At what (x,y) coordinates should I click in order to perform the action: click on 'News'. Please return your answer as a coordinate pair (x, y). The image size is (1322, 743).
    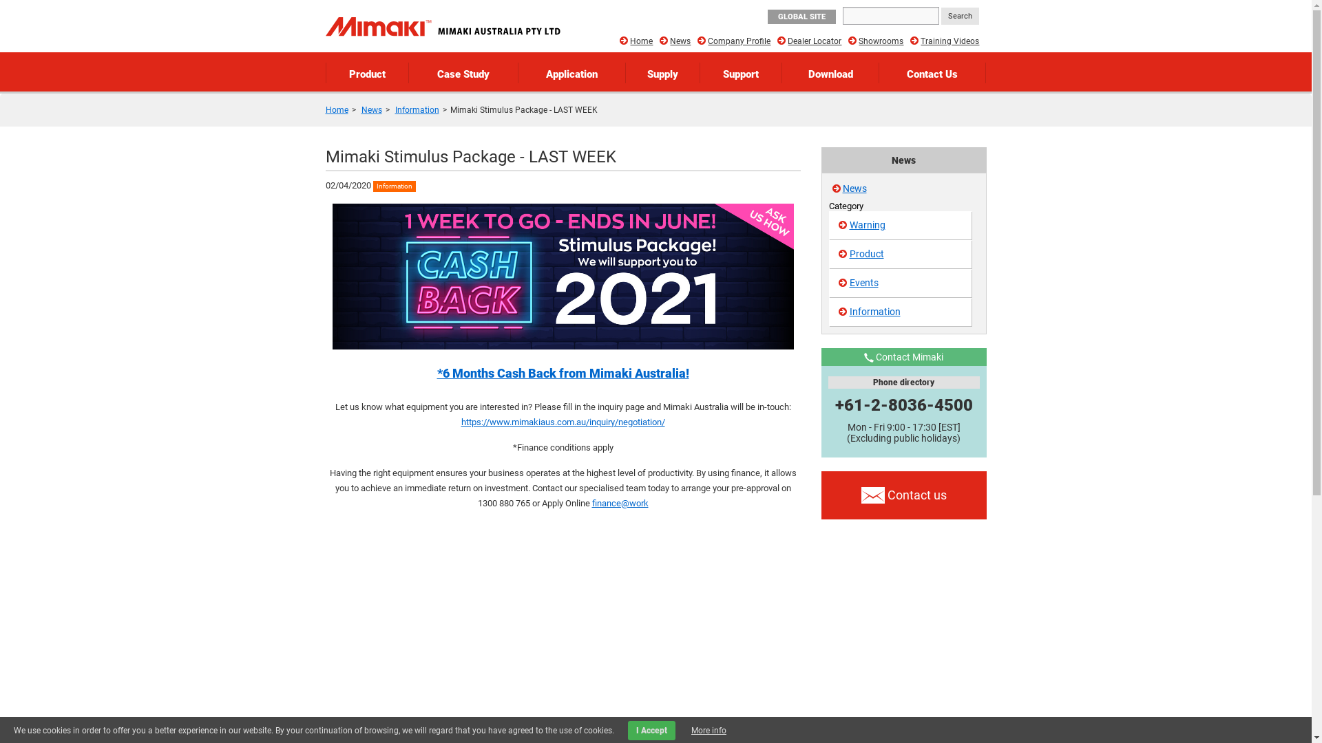
    Looking at the image, I should click on (854, 188).